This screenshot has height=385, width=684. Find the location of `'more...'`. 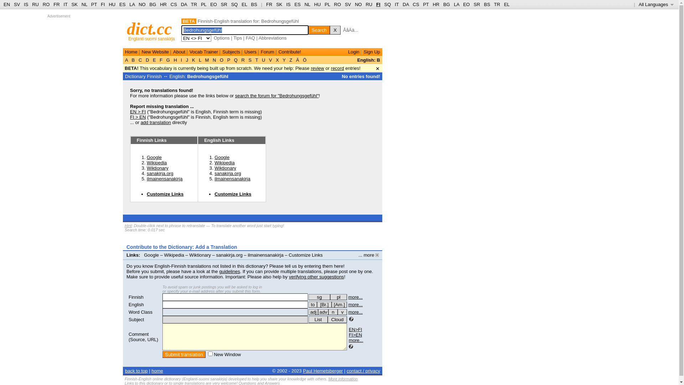

'more...' is located at coordinates (348, 312).